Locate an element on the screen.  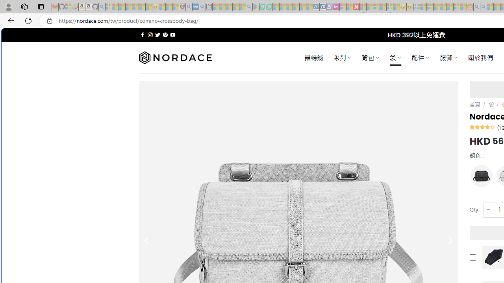
'Follow on Facebook' is located at coordinates (143, 35).